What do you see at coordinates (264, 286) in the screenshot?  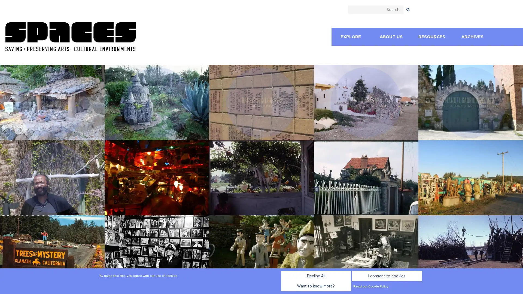 I see `Decline All` at bounding box center [264, 286].